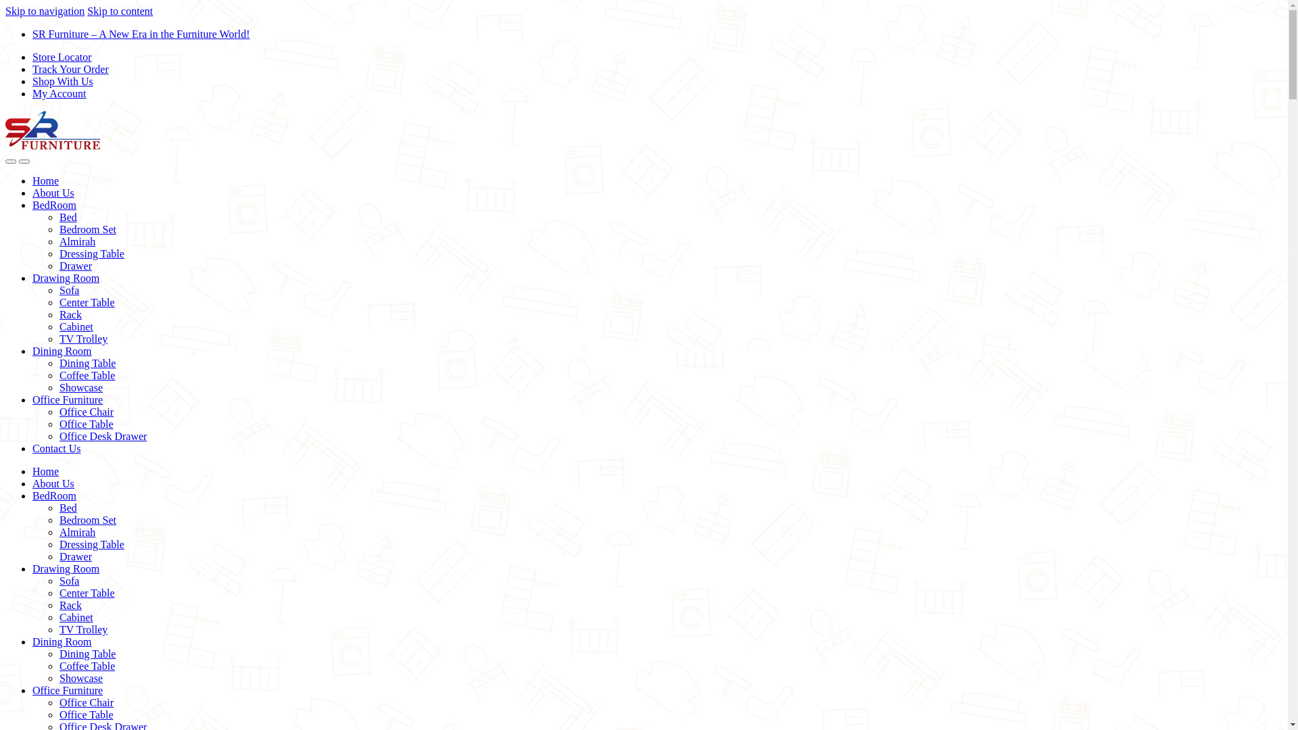  I want to click on 'BedRoom', so click(54, 495).